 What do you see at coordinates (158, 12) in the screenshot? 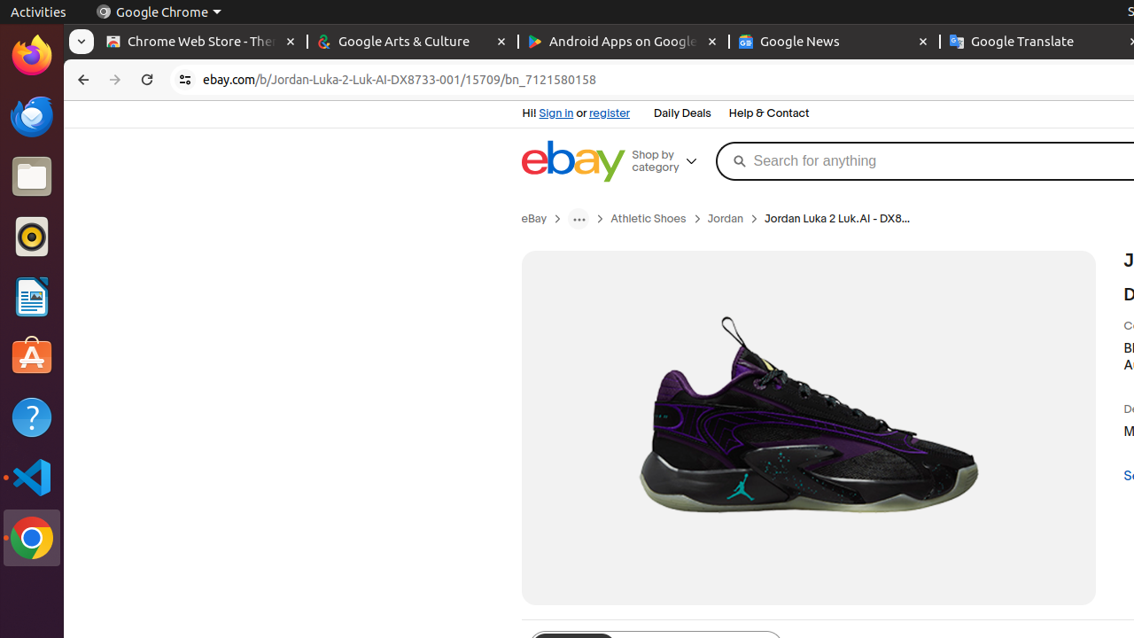
I see `'Google Chrome'` at bounding box center [158, 12].